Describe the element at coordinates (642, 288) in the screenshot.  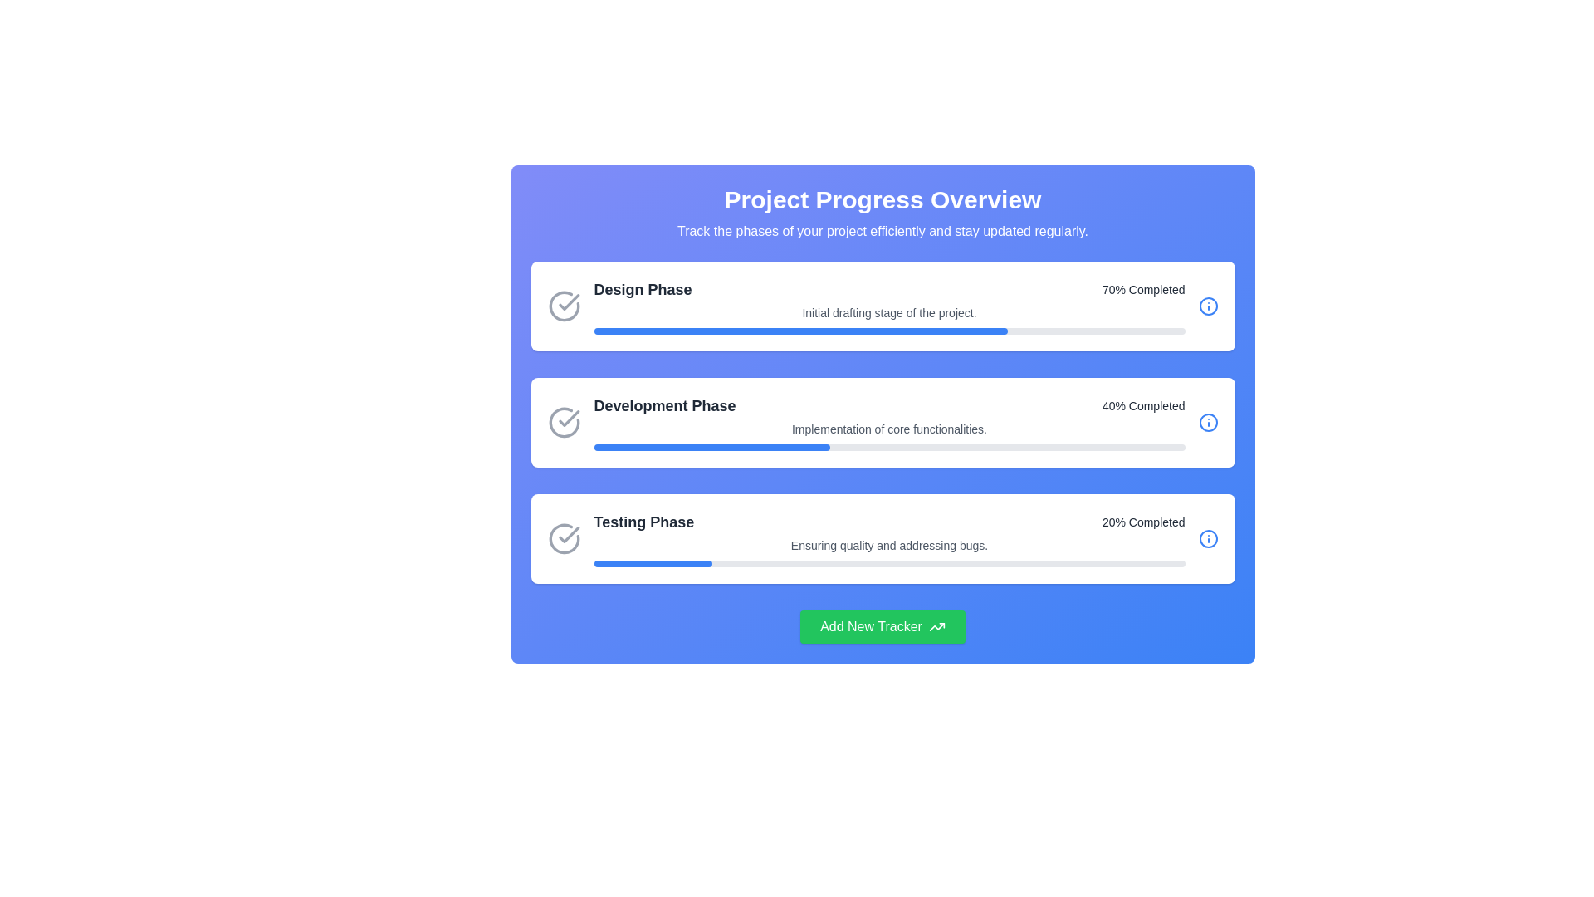
I see `the Text label indicating the current phase of a project or task progression, which is the first title in a vertically stacked list of project phases` at that location.